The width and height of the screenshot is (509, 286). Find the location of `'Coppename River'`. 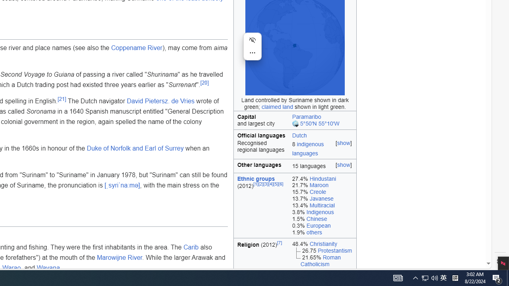

'Coppename River' is located at coordinates (137, 47).